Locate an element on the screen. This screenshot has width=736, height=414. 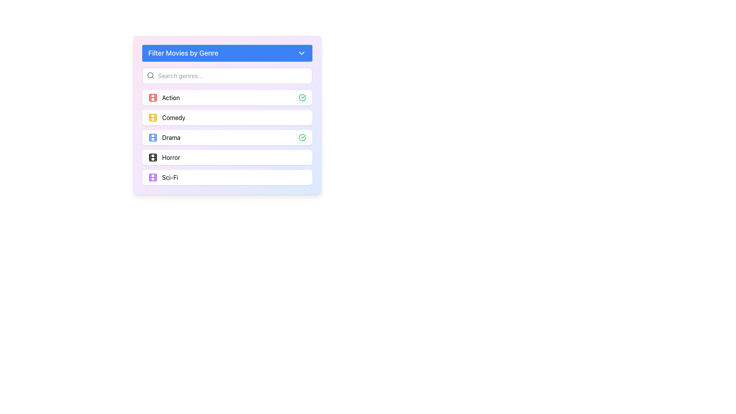
the third selectable list item labeled 'Drama' in the 'Filter Movies by Genre' section is located at coordinates (227, 137).